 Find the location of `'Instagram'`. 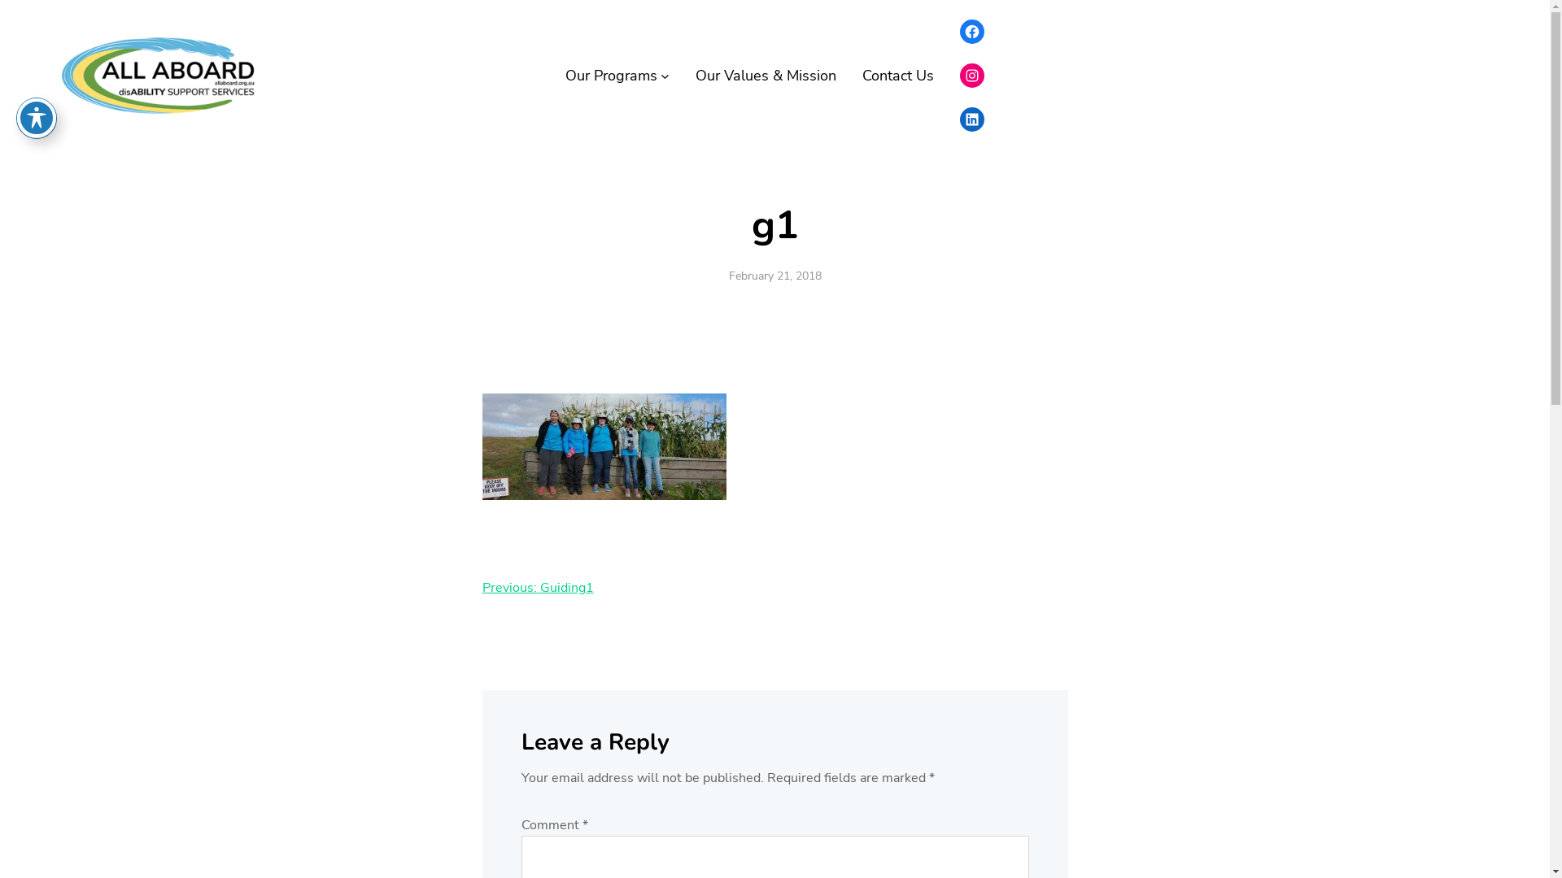

'Instagram' is located at coordinates (960, 75).